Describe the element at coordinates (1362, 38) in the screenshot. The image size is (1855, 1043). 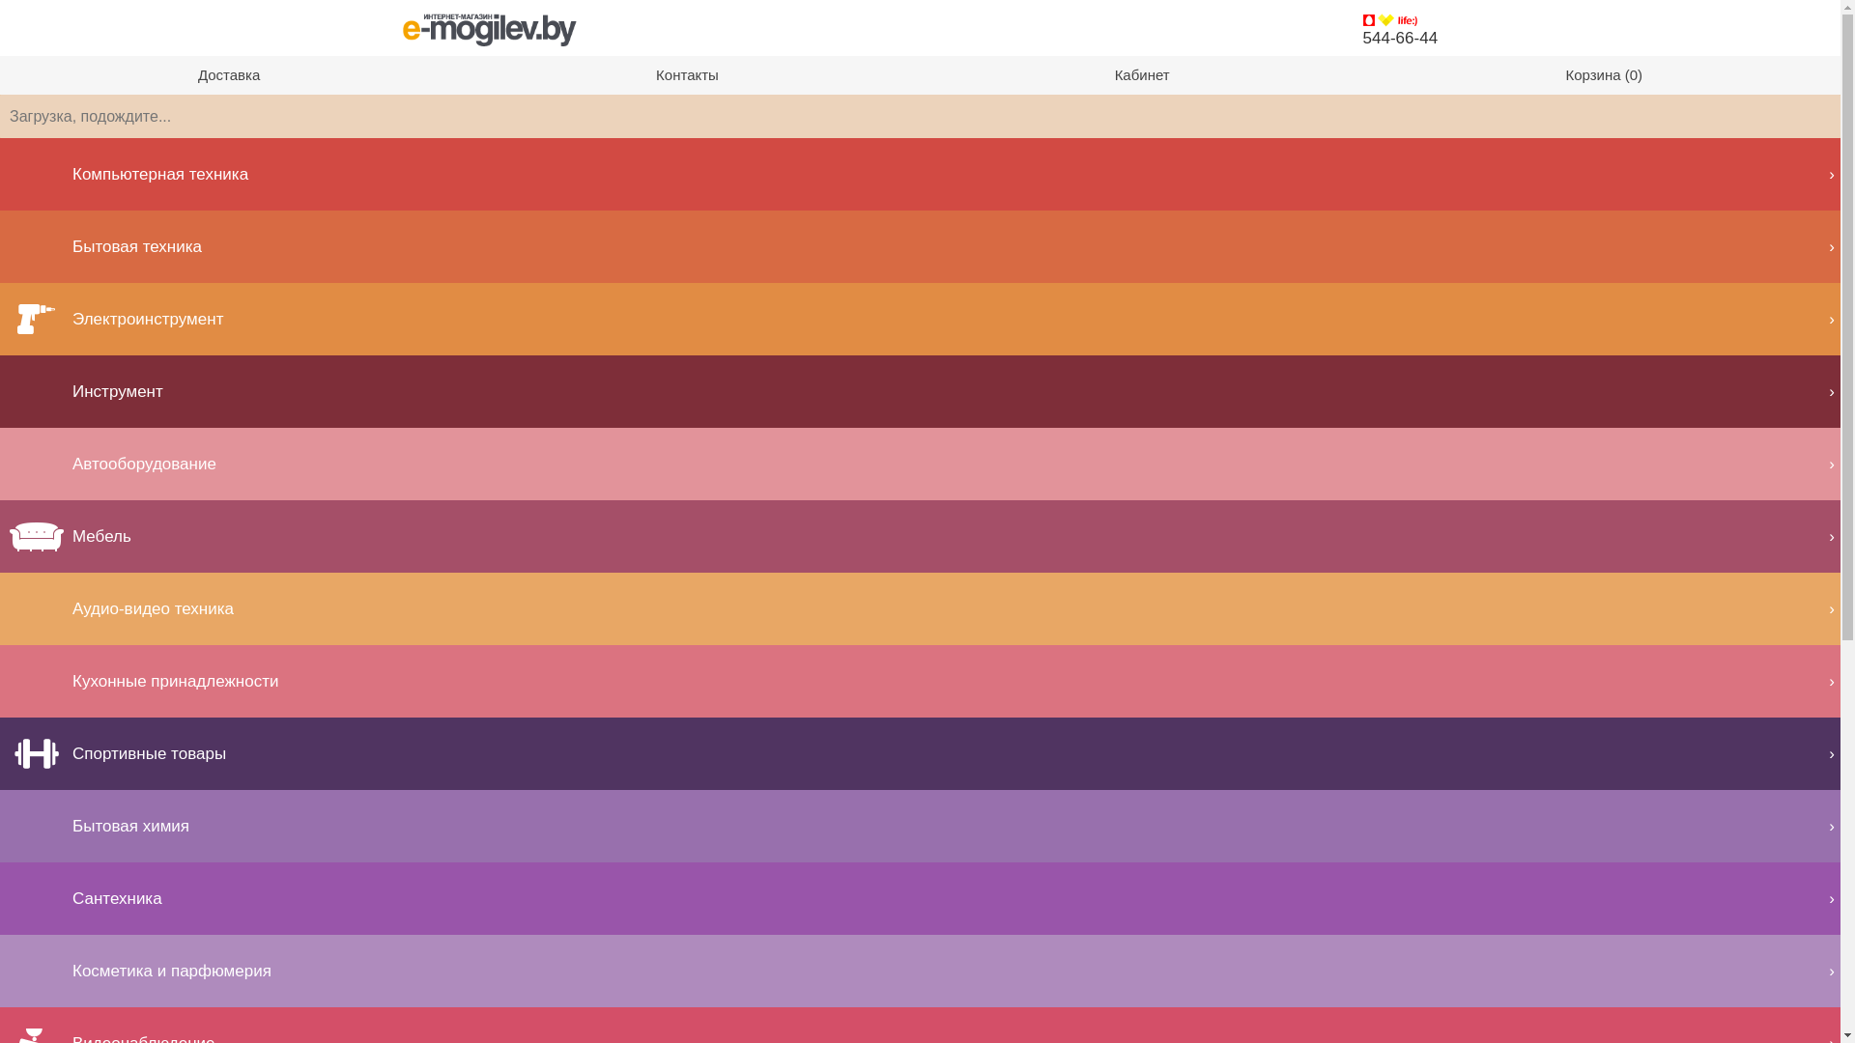
I see `'544-66-44'` at that location.